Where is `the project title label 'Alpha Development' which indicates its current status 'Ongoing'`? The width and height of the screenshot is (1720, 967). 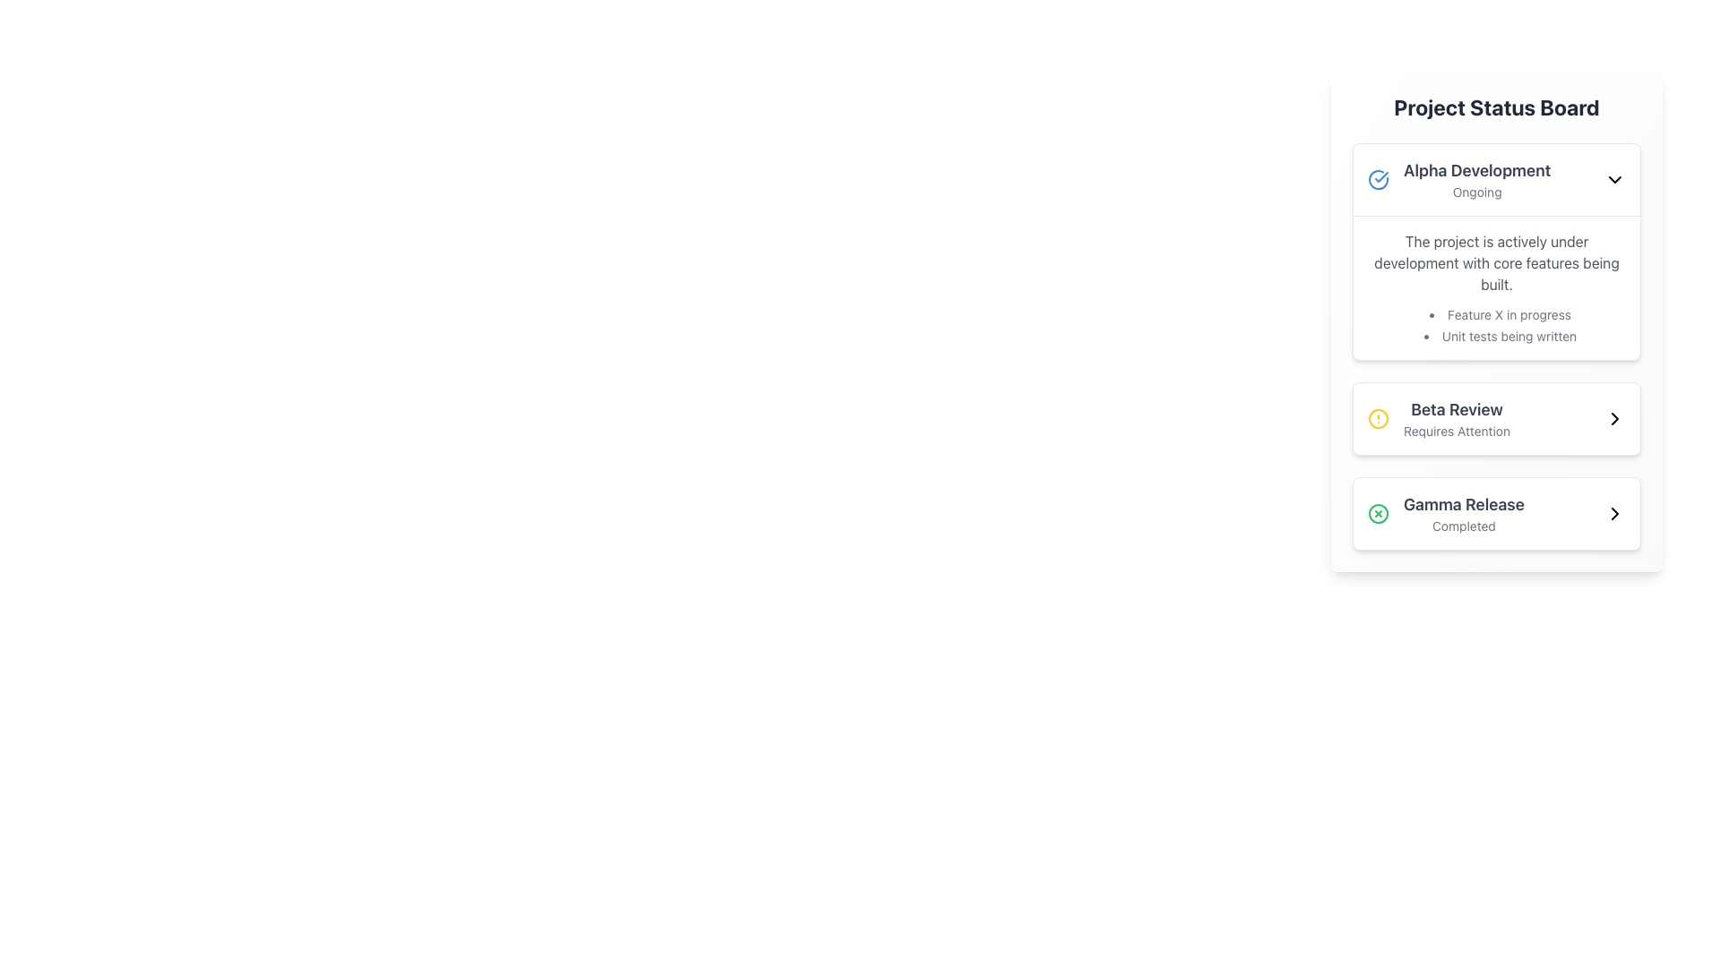
the project title label 'Alpha Development' which indicates its current status 'Ongoing' is located at coordinates (1496, 179).